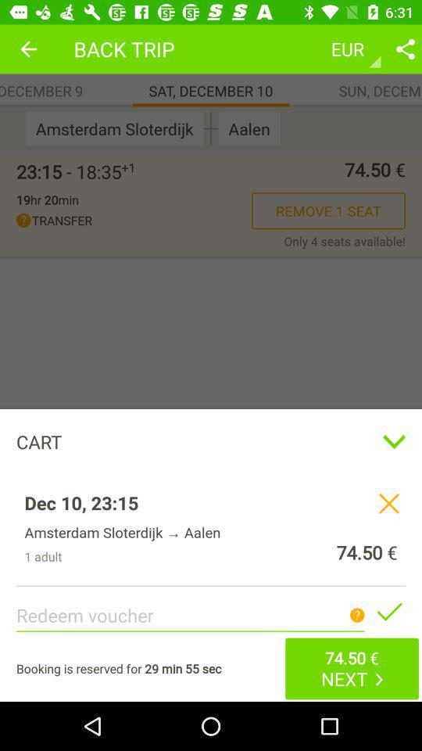 The height and width of the screenshot is (751, 422). Describe the element at coordinates (388, 502) in the screenshot. I see `the close icon` at that location.